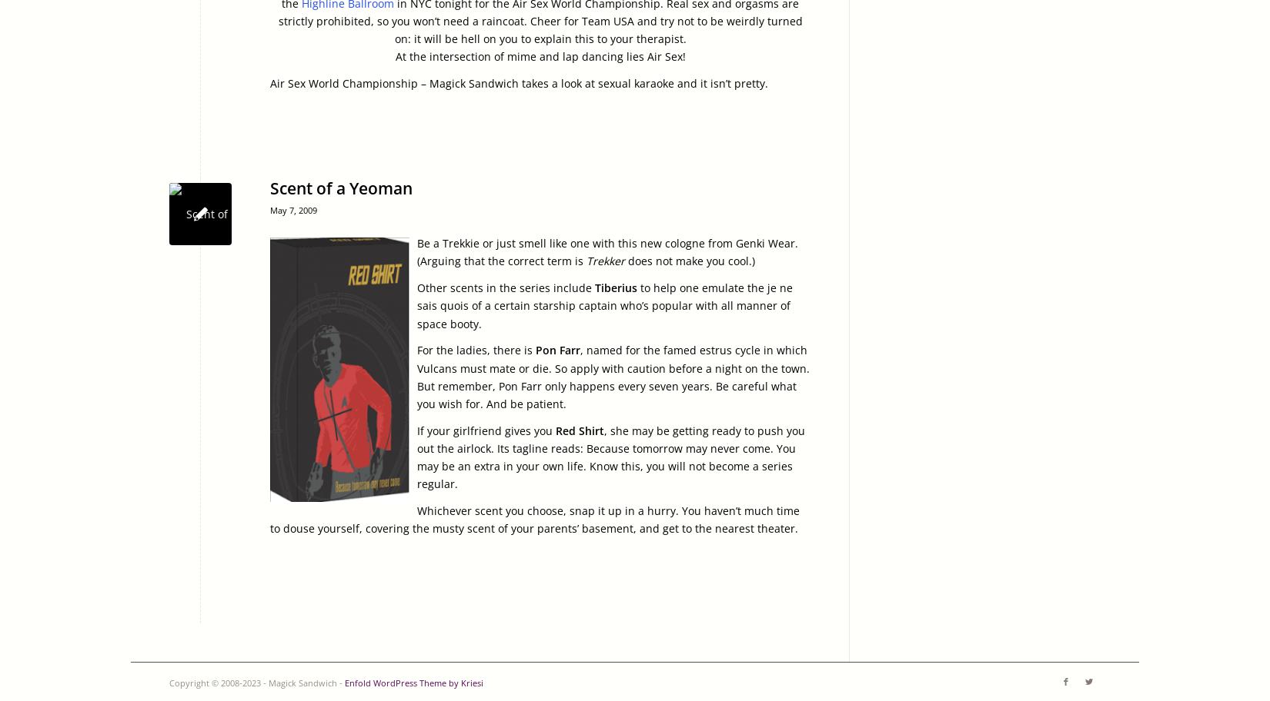 The height and width of the screenshot is (701, 1270). Describe the element at coordinates (416, 377) in the screenshot. I see `', named for the famed estrus cycle in which Vulcans must mate or die. So apply with caution before a night on the town. But remember, Pon Farr only happens every seven years. Be careful what you wish for. And be patient.'` at that location.